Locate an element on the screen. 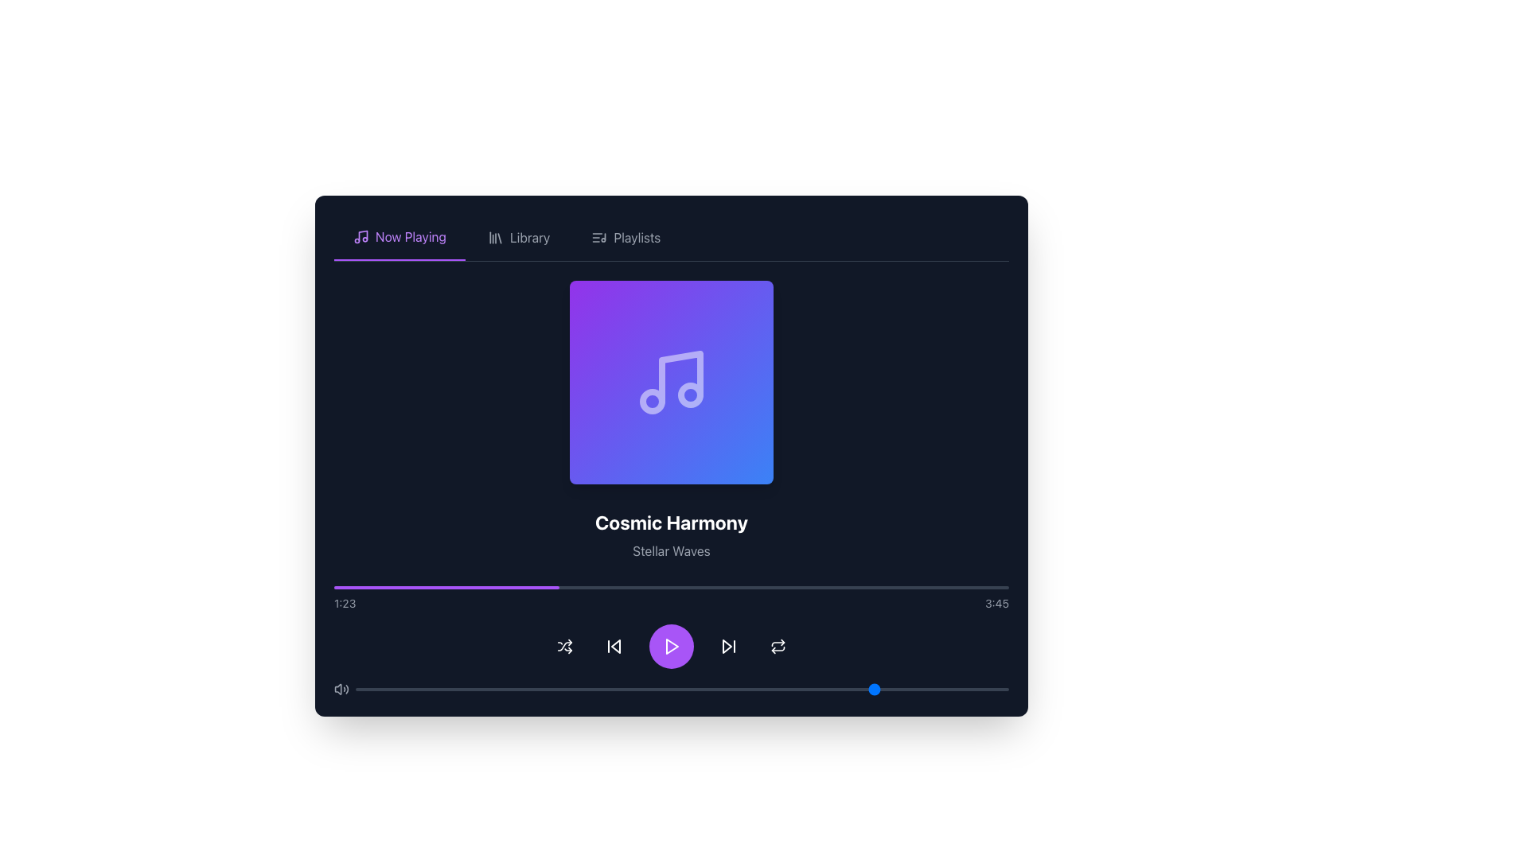 This screenshot has width=1528, height=859. the album artwork display element, which visually represents the current track or playlist is located at coordinates (672, 383).